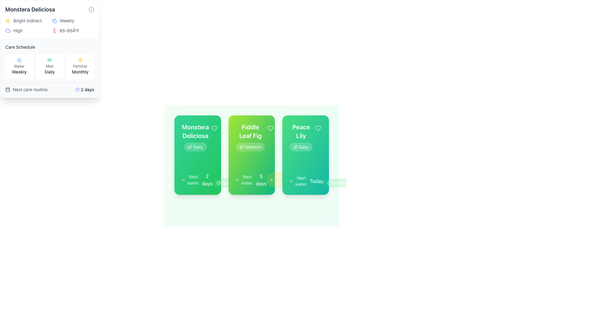 The height and width of the screenshot is (335, 597). Describe the element at coordinates (195, 137) in the screenshot. I see `text of the Card title displaying 'Monstera Deliciosa' and its care difficulty level 'Easy', located at the top left of the green card, just below the heart-shaped icon` at that location.